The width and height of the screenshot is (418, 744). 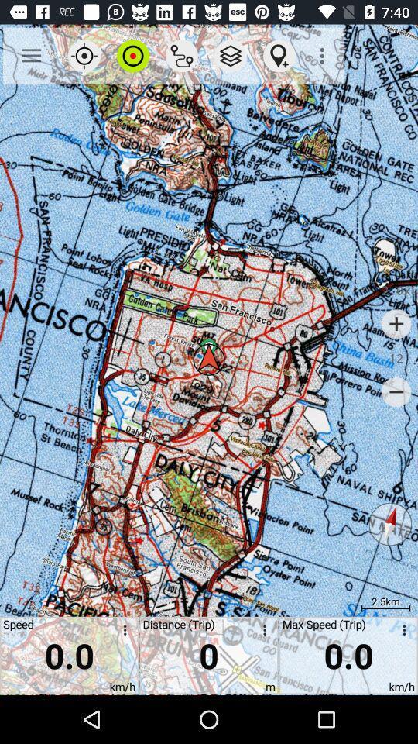 What do you see at coordinates (261, 632) in the screenshot?
I see `the more icon` at bounding box center [261, 632].